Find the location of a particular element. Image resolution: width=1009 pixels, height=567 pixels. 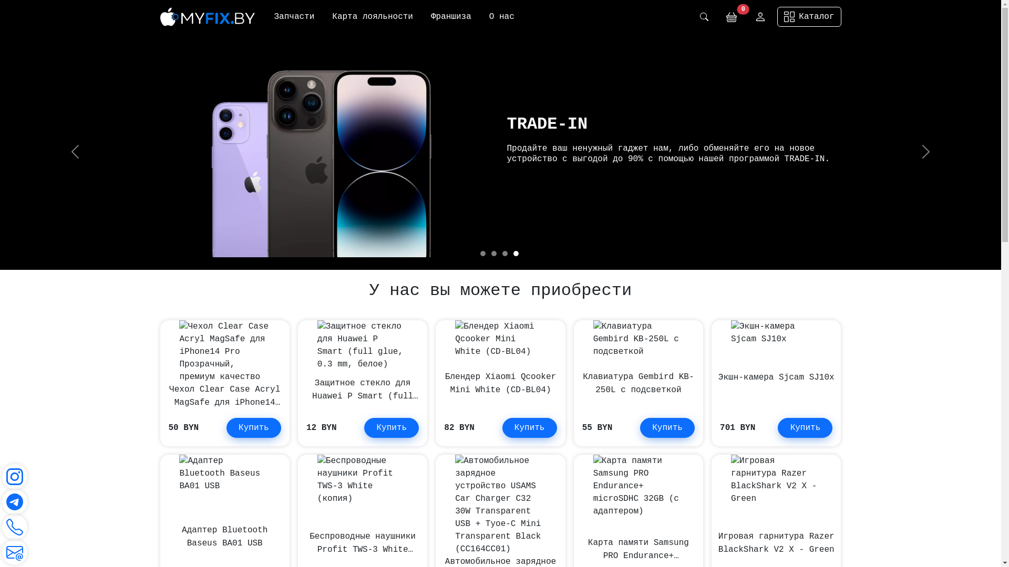

'Next' is located at coordinates (925, 152).